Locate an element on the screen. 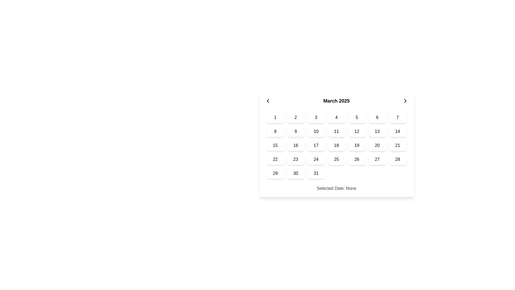 The height and width of the screenshot is (290, 515). the rounded square button labeled '17' in the calendar grid layout is located at coordinates (316, 146).